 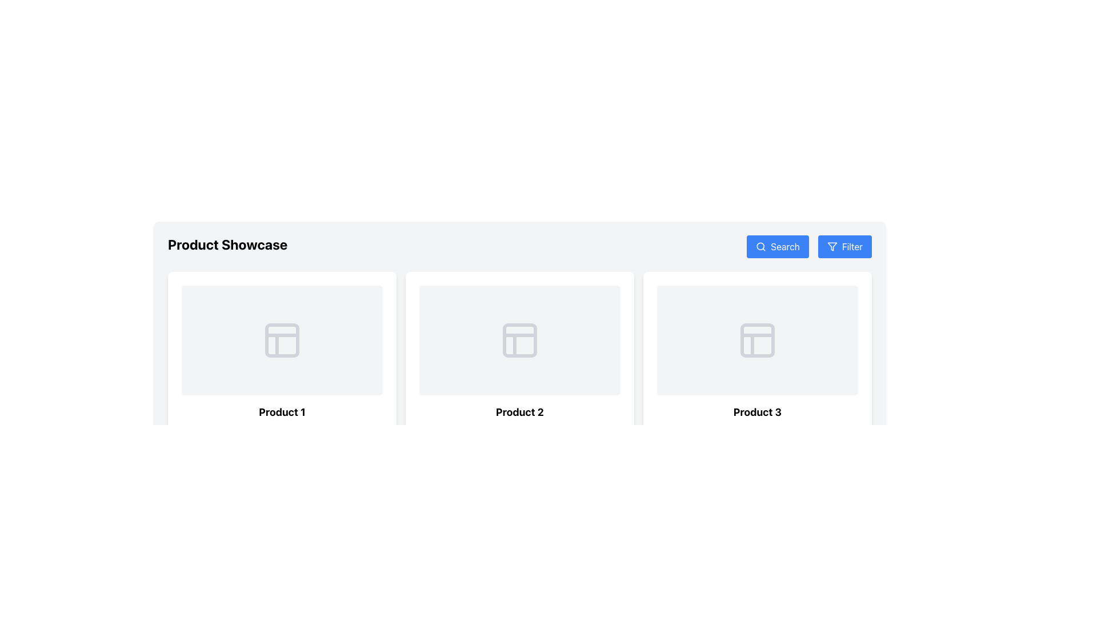 What do you see at coordinates (519, 340) in the screenshot?
I see `the visual representation of the square-shaped icon with a grid-like design, located in the center of the card labeled 'Product 2' in a three-card layout` at bounding box center [519, 340].